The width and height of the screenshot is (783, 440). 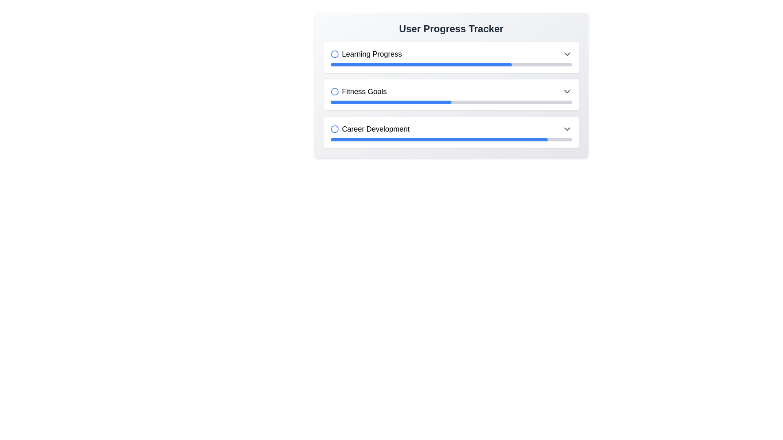 I want to click on the downwards-pointing chevron icon button located in the 'Career Development' section of the 'User Progress Tracker' interface, so click(x=566, y=128).